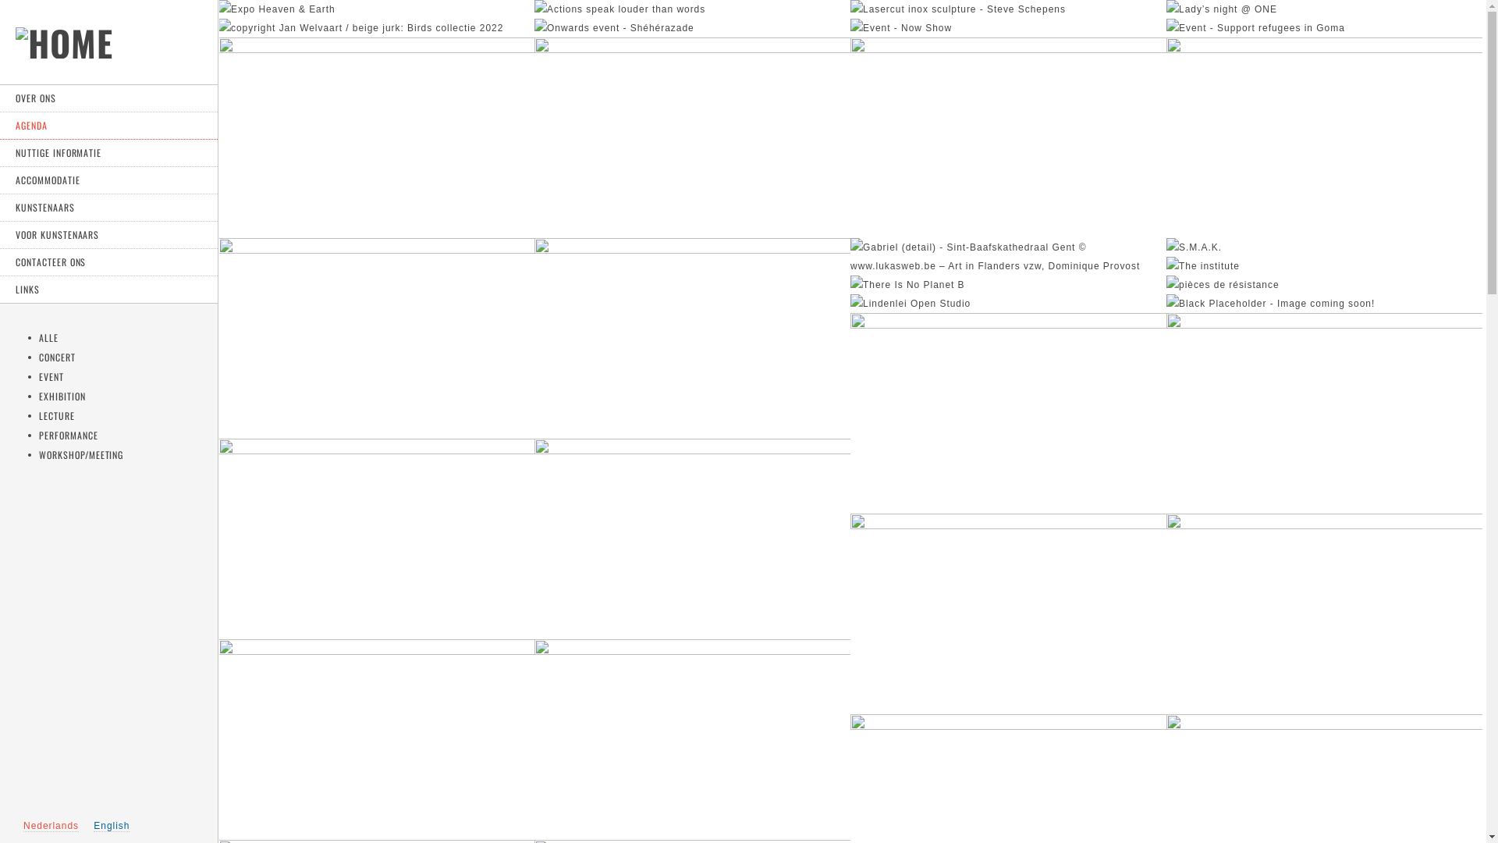 Image resolution: width=1498 pixels, height=843 pixels. I want to click on 'VOOR KUNSTENAARS', so click(108, 235).